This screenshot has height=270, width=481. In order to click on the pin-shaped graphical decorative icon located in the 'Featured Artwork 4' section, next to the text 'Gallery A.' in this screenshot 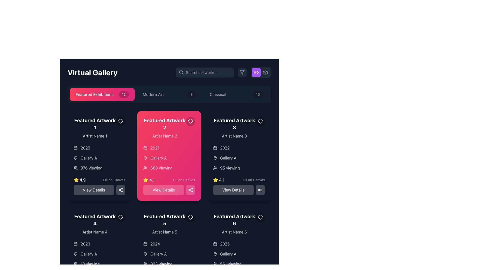, I will do `click(75, 254)`.